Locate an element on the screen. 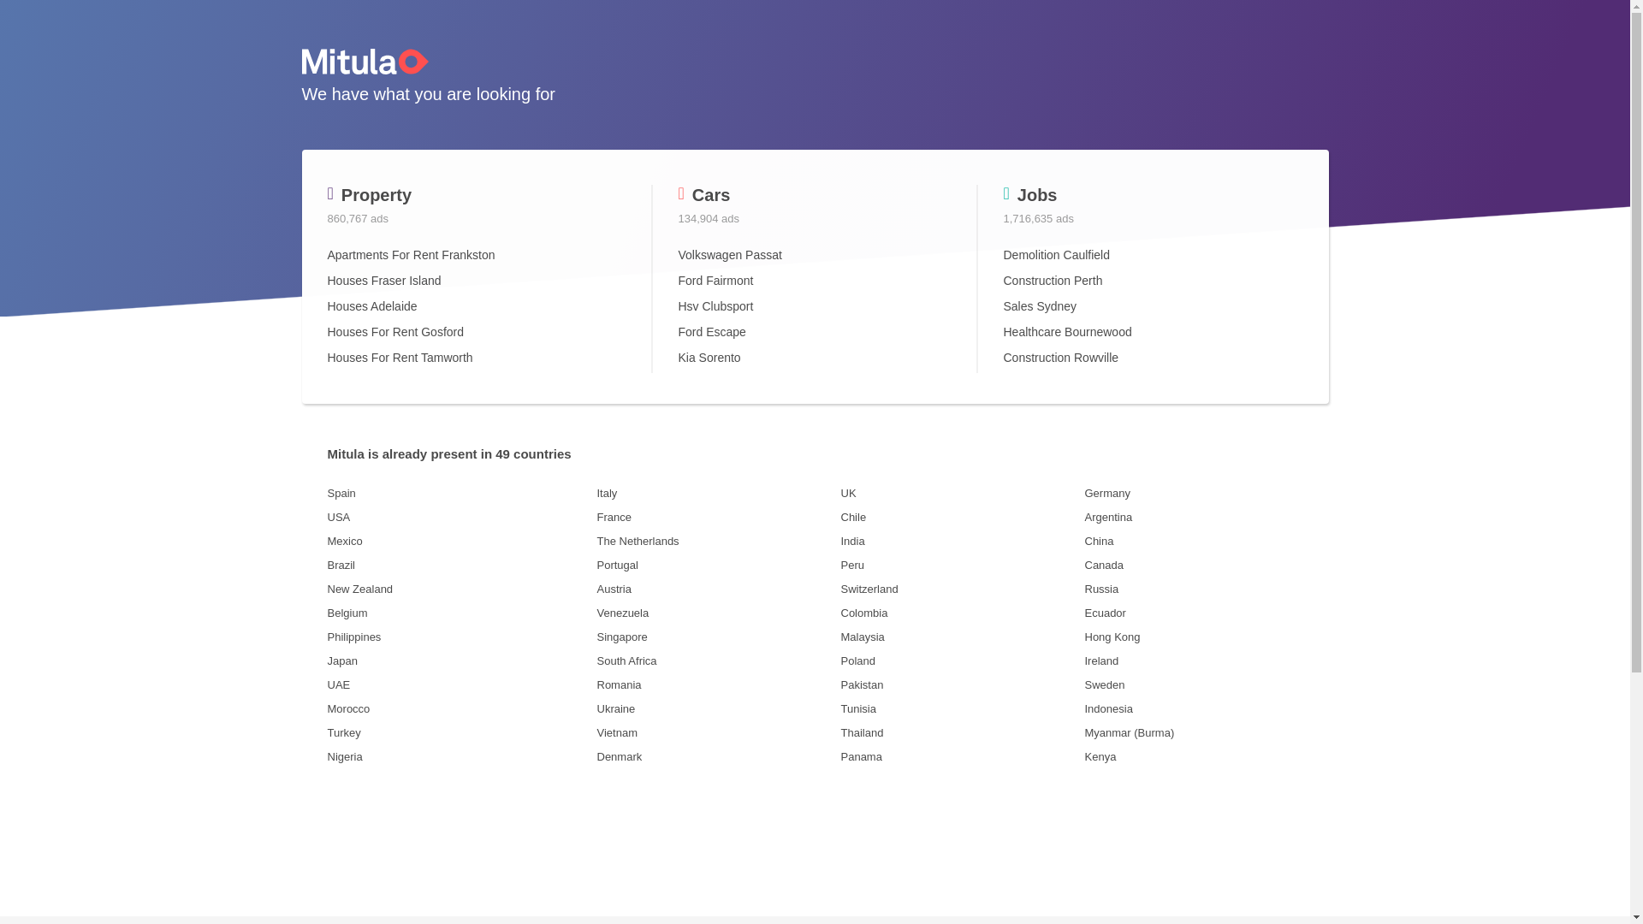 This screenshot has height=924, width=1643. 'France' is located at coordinates (706, 517).